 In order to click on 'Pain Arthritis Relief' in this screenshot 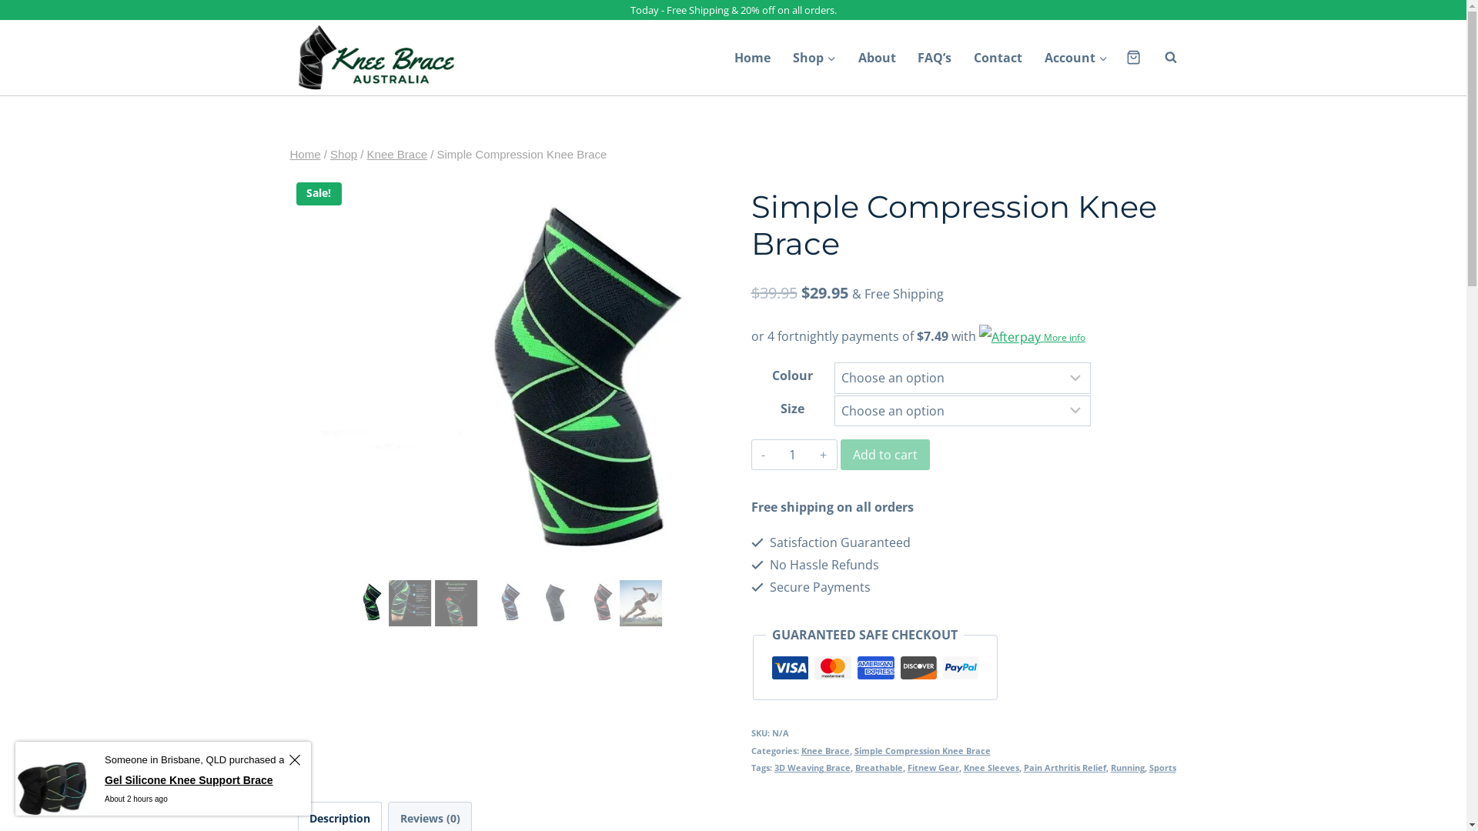, I will do `click(1064, 767)`.